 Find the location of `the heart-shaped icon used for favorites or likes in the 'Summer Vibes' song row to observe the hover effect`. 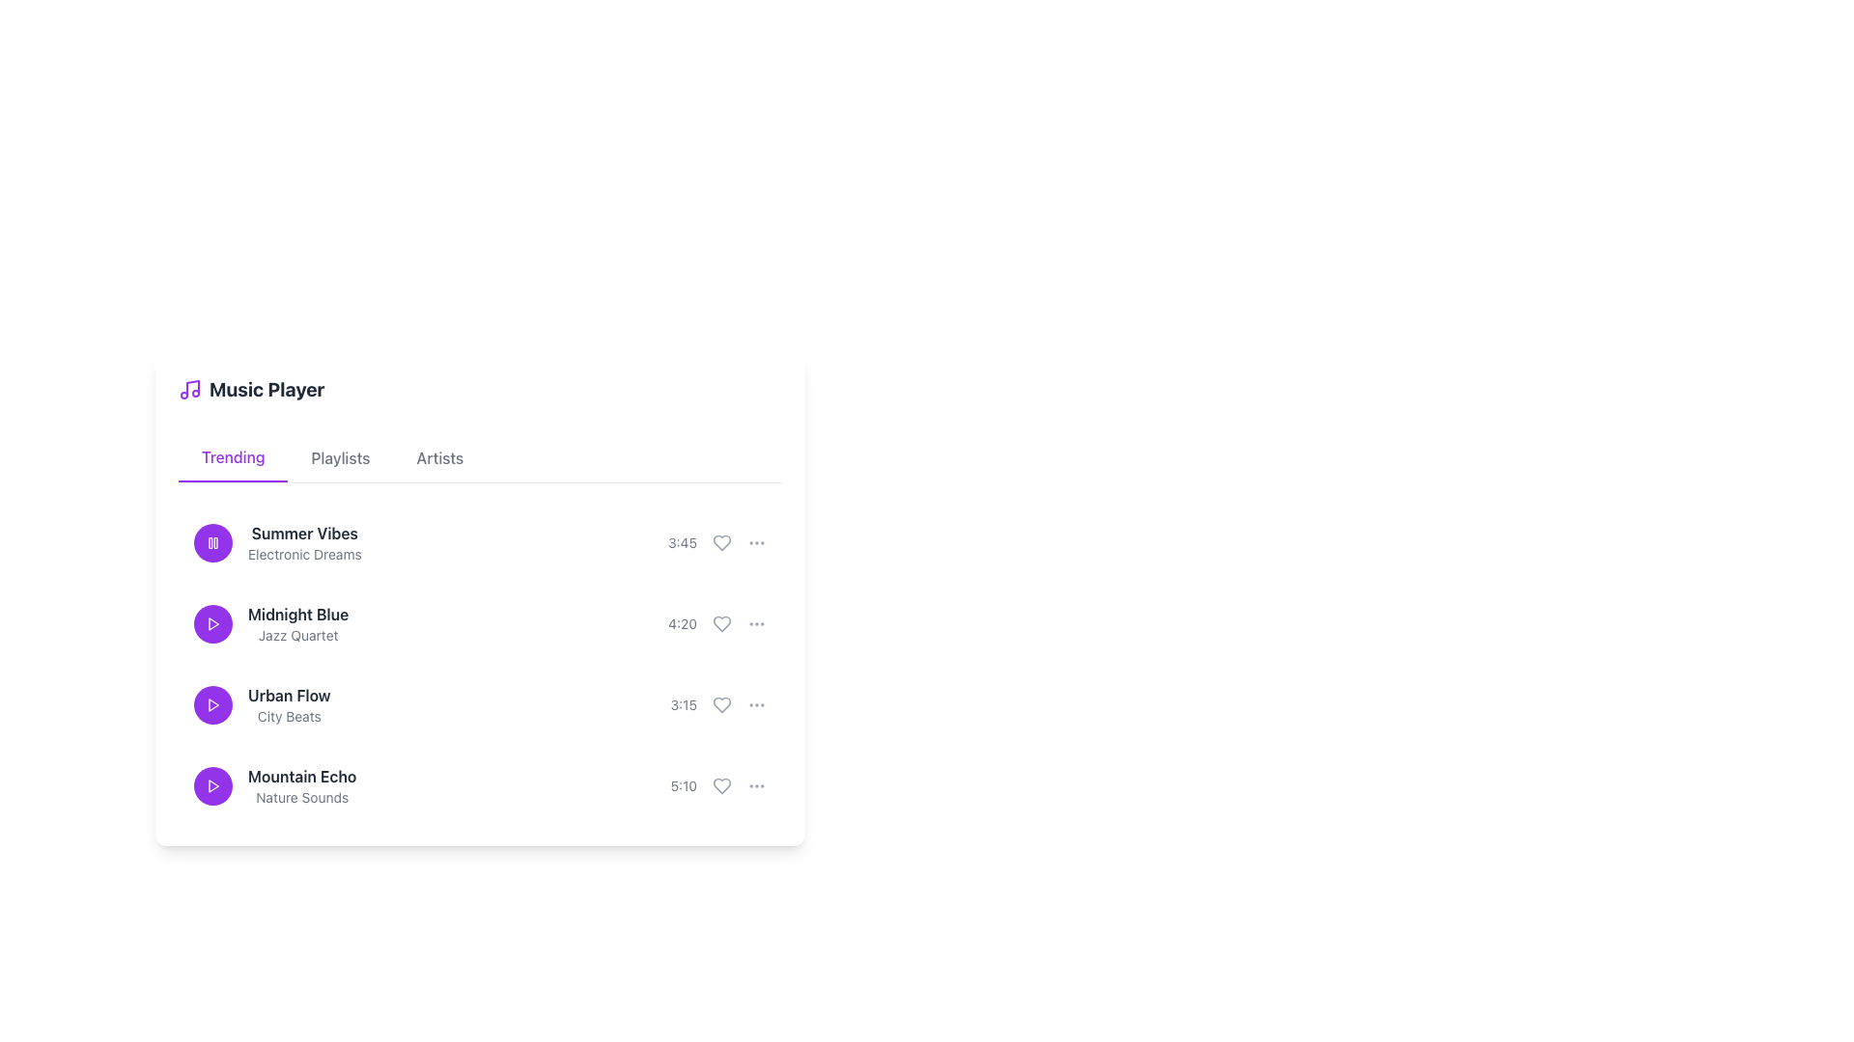

the heart-shaped icon used for favorites or likes in the 'Summer Vibes' song row to observe the hover effect is located at coordinates (716, 543).